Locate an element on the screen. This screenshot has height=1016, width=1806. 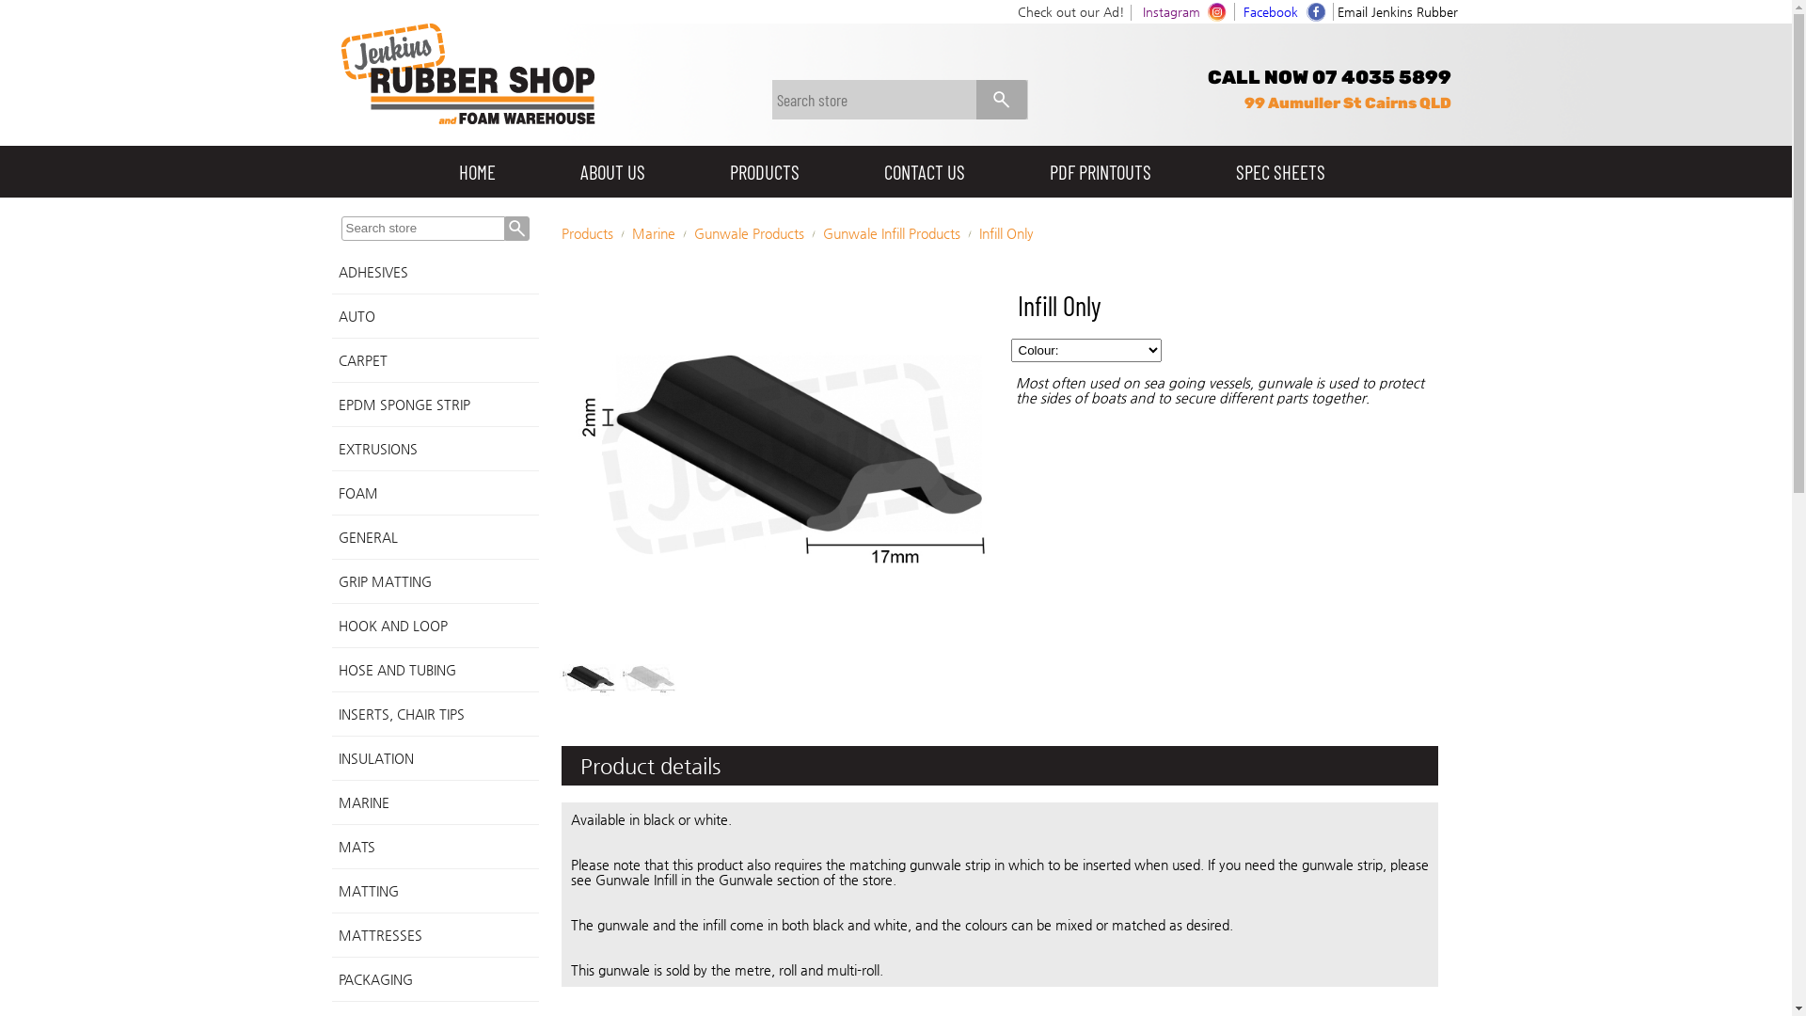
'CONTACT US' is located at coordinates (924, 171).